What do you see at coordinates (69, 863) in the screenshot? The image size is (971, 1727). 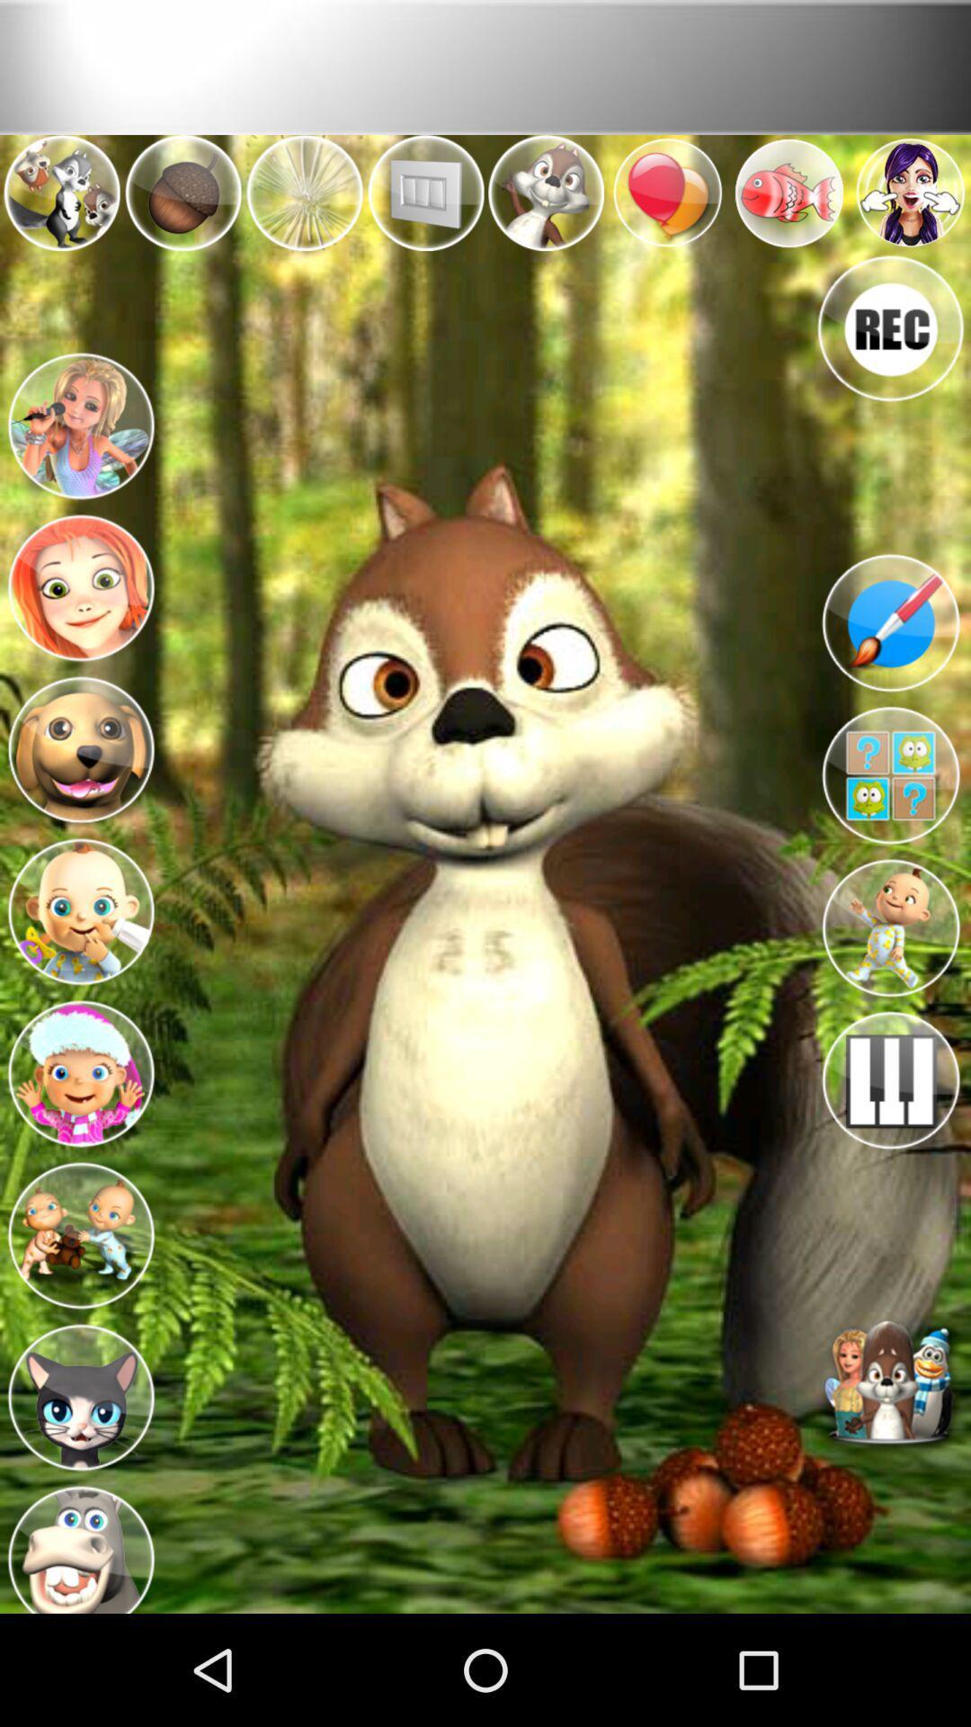 I see `the menu icon` at bounding box center [69, 863].